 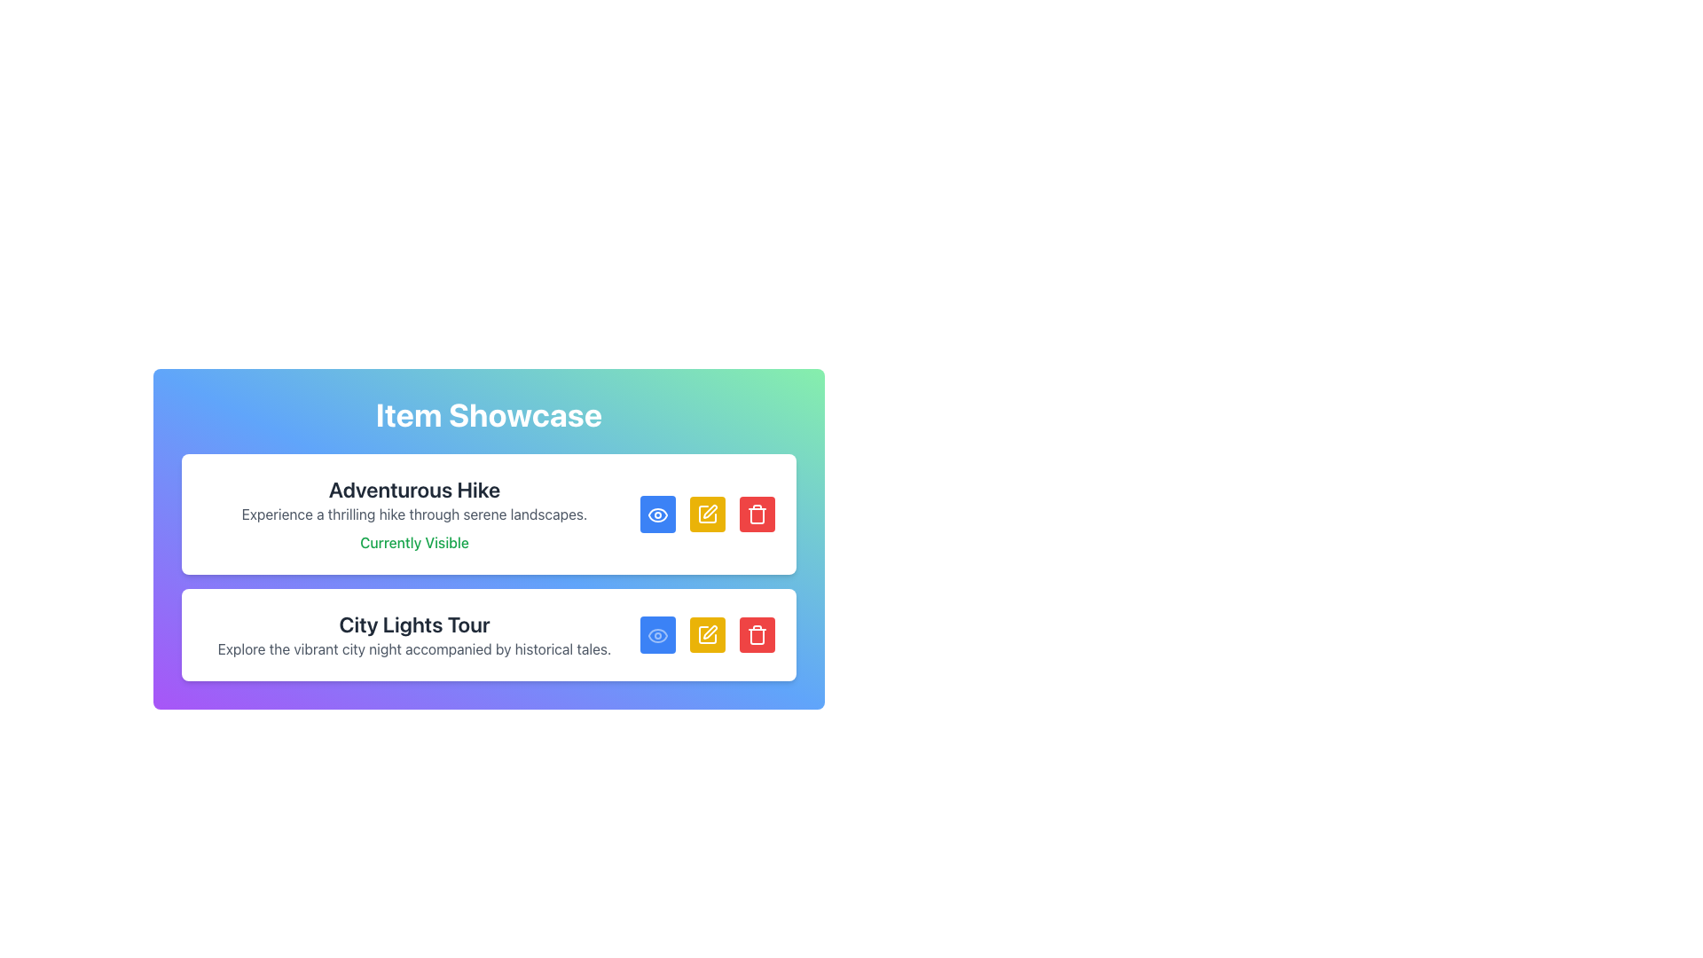 What do you see at coordinates (413, 542) in the screenshot?
I see `the text label that displays the phrase 'Currently Visible', which is styled in green color and positioned below the subtitle of the hiking activity description` at bounding box center [413, 542].